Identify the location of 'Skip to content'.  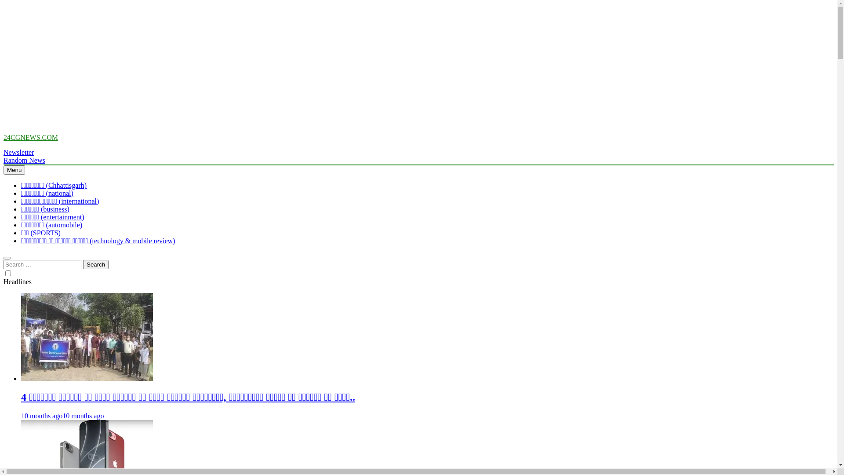
(3, 133).